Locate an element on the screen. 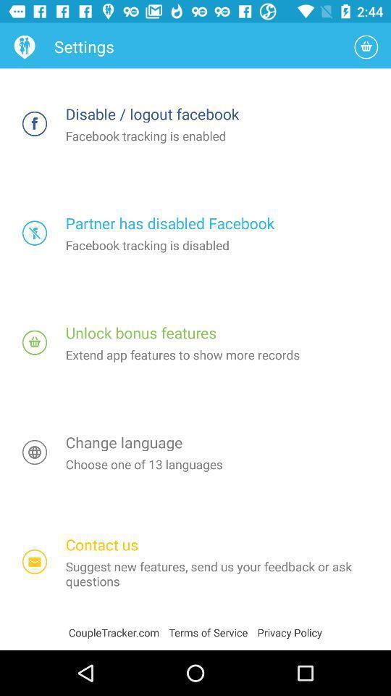 This screenshot has height=696, width=391. enable or disable facebook is located at coordinates (35, 233).